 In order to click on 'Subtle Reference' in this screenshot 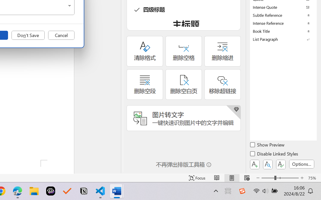, I will do `click(283, 15)`.